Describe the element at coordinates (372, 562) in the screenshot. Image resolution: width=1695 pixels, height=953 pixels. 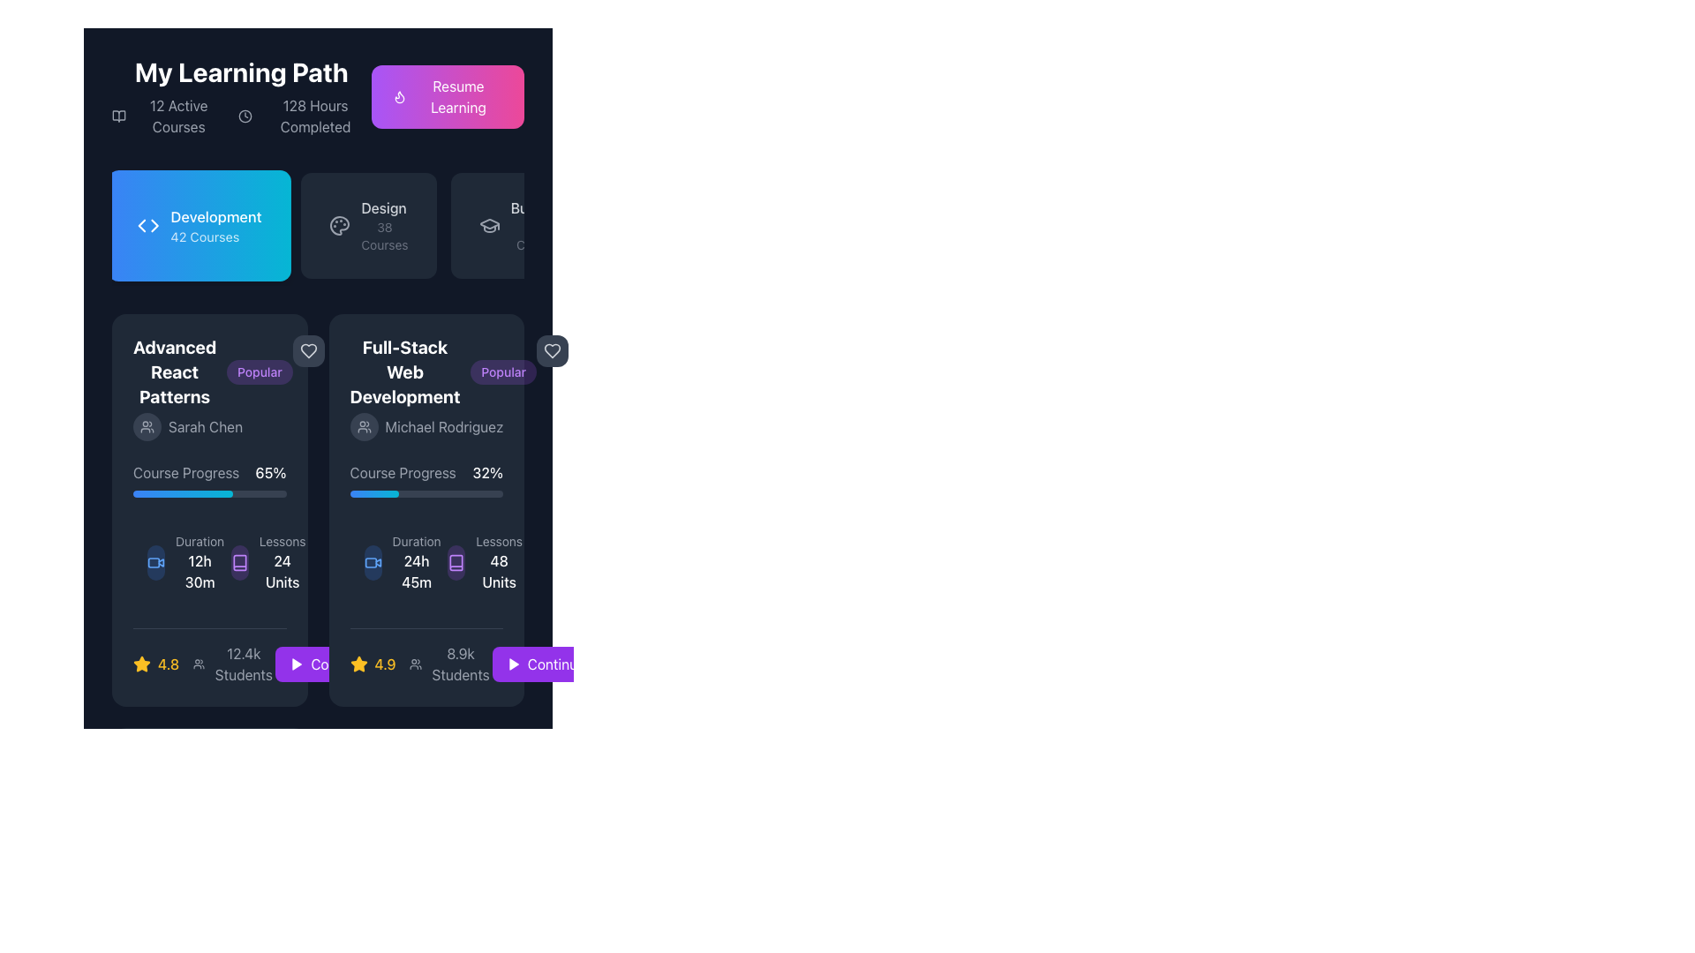
I see `the media icon representing video content within the 'Full-Stack Web Development' card, located adjacent to the time information ('24h 45m')` at that location.